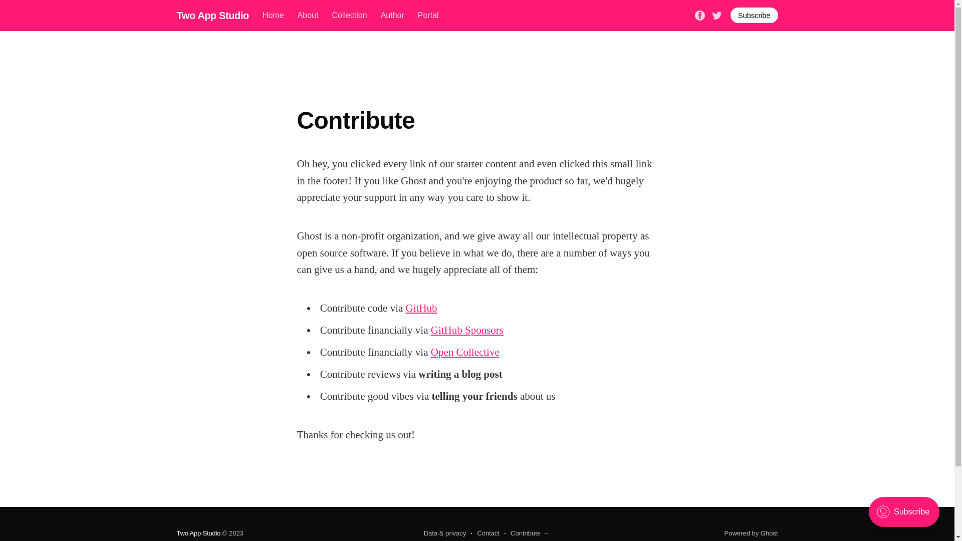 Image resolution: width=962 pixels, height=541 pixels. I want to click on 'About', so click(307, 15).